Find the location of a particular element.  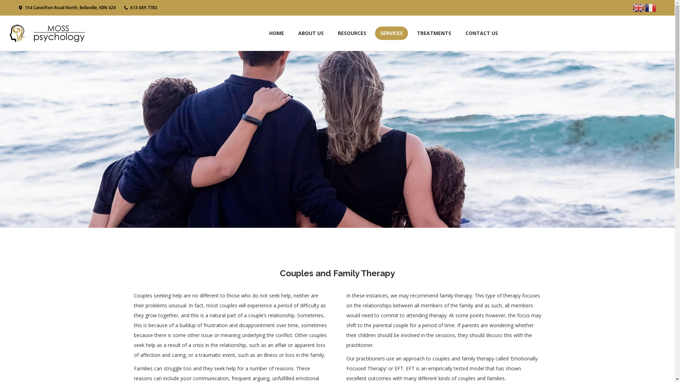

'HOME' is located at coordinates (276, 33).